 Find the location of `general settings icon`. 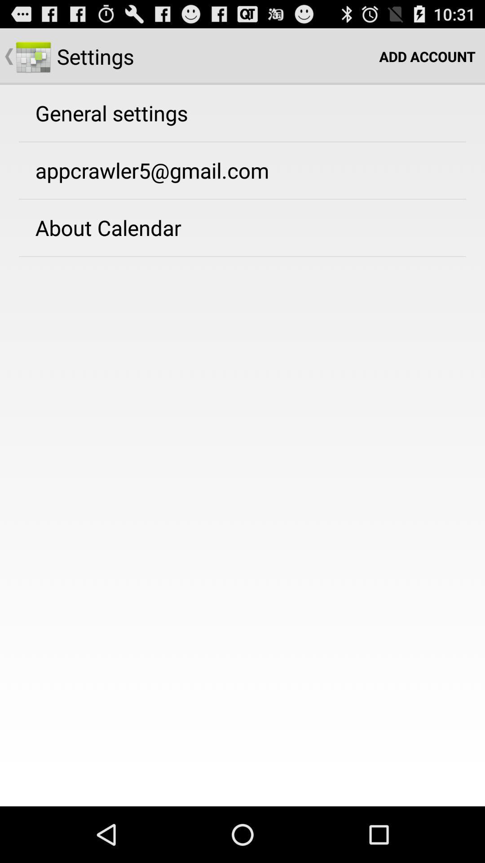

general settings icon is located at coordinates (111, 112).